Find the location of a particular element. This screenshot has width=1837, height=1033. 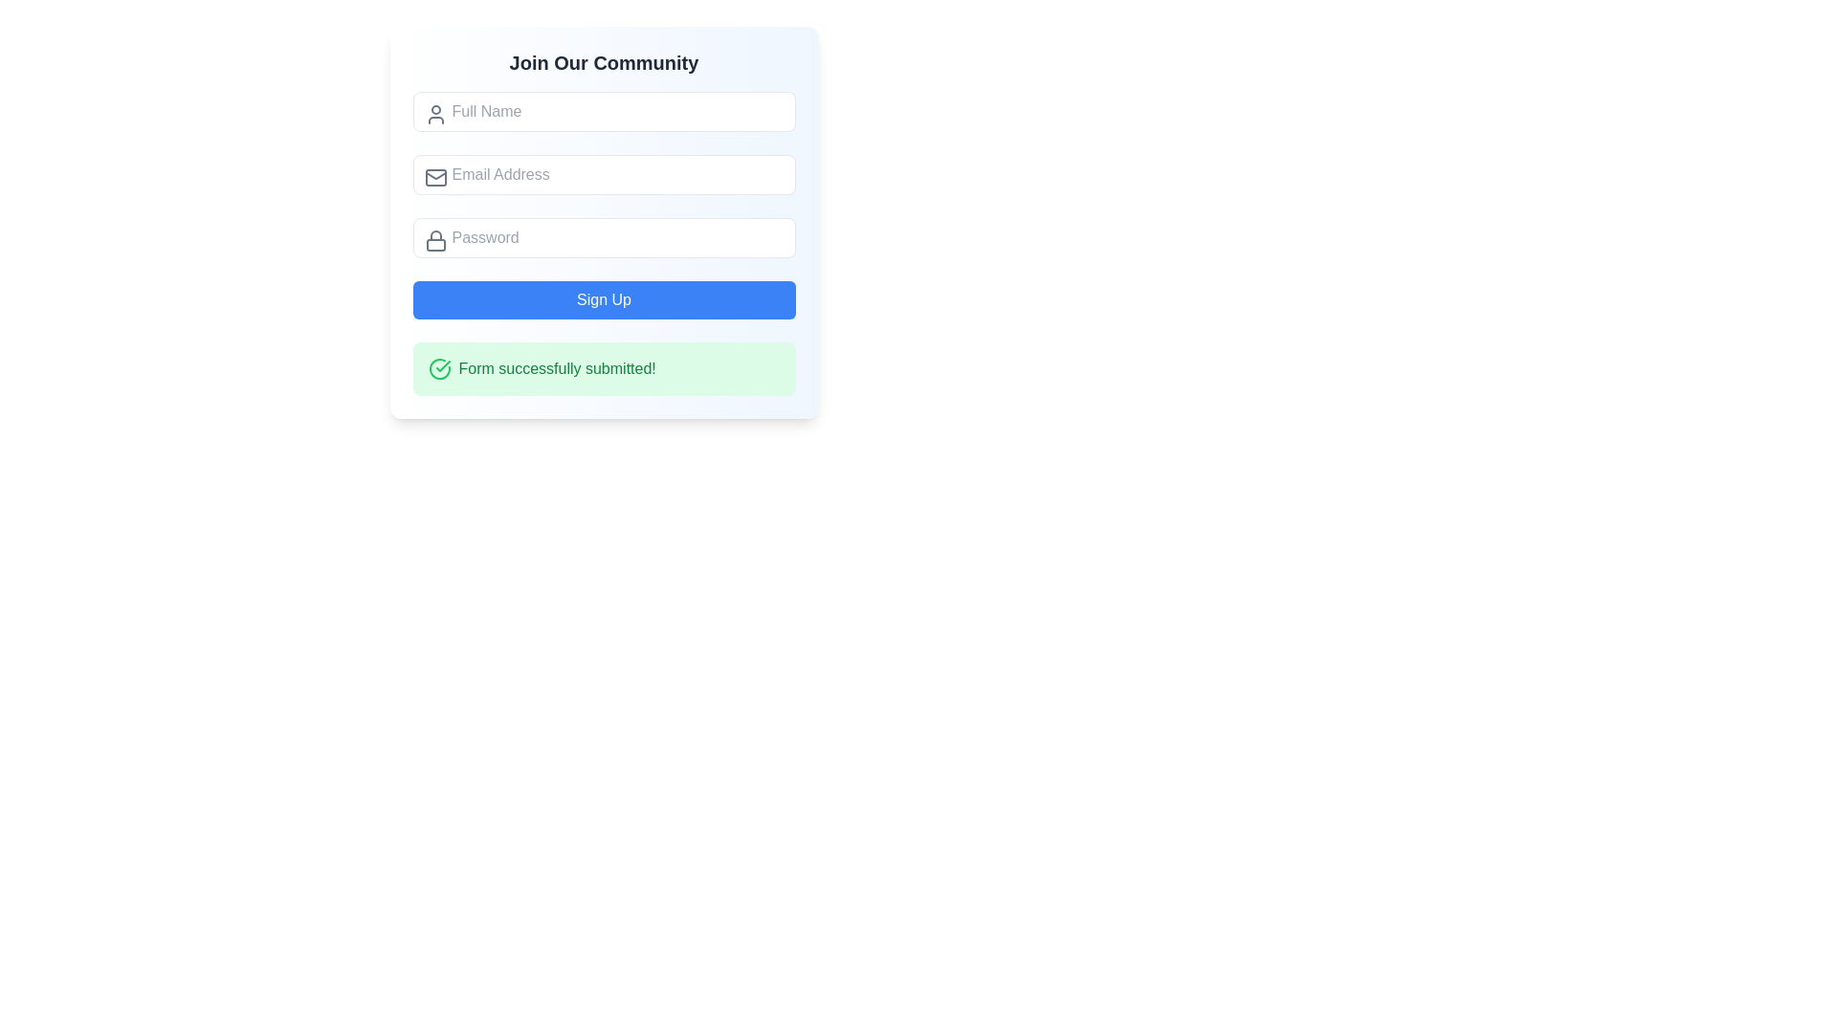

the inner rectangular part of the mail envelope icon, which indicates the associated input field for entering an email address is located at coordinates (434, 177).